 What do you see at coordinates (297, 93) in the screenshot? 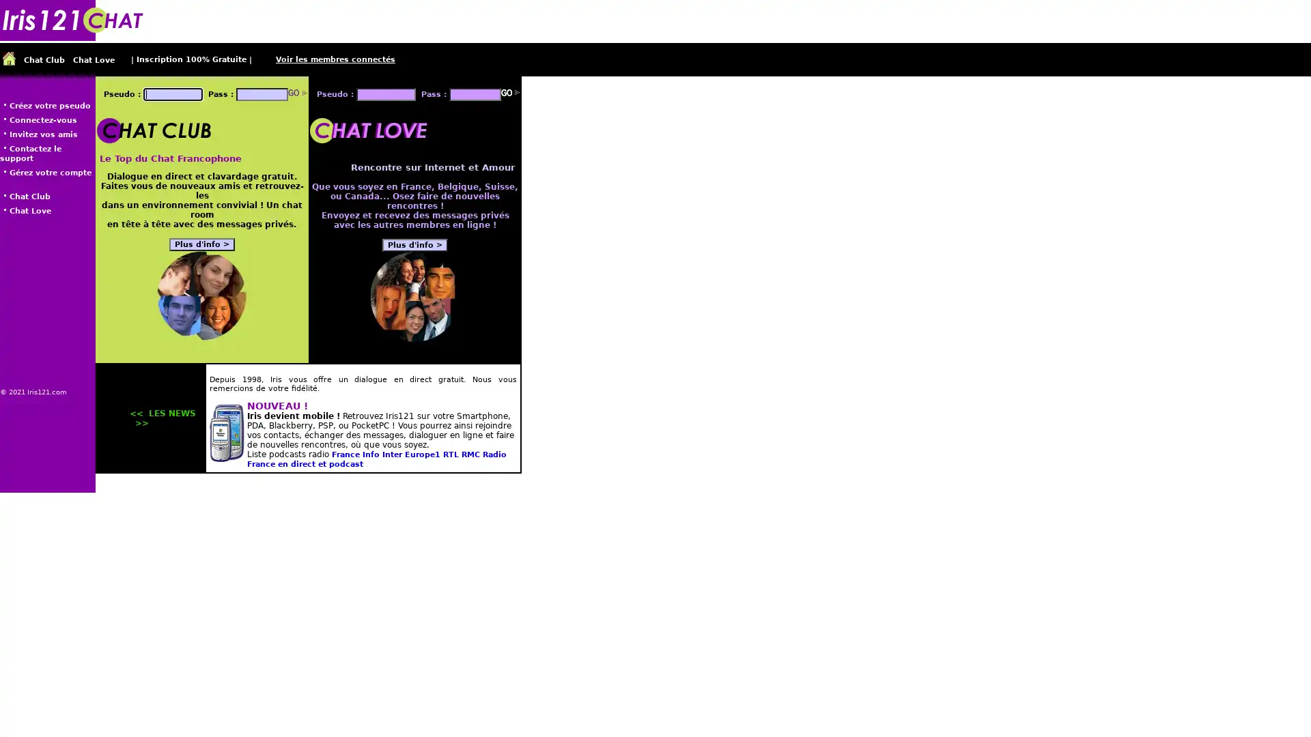
I see `Go!` at bounding box center [297, 93].